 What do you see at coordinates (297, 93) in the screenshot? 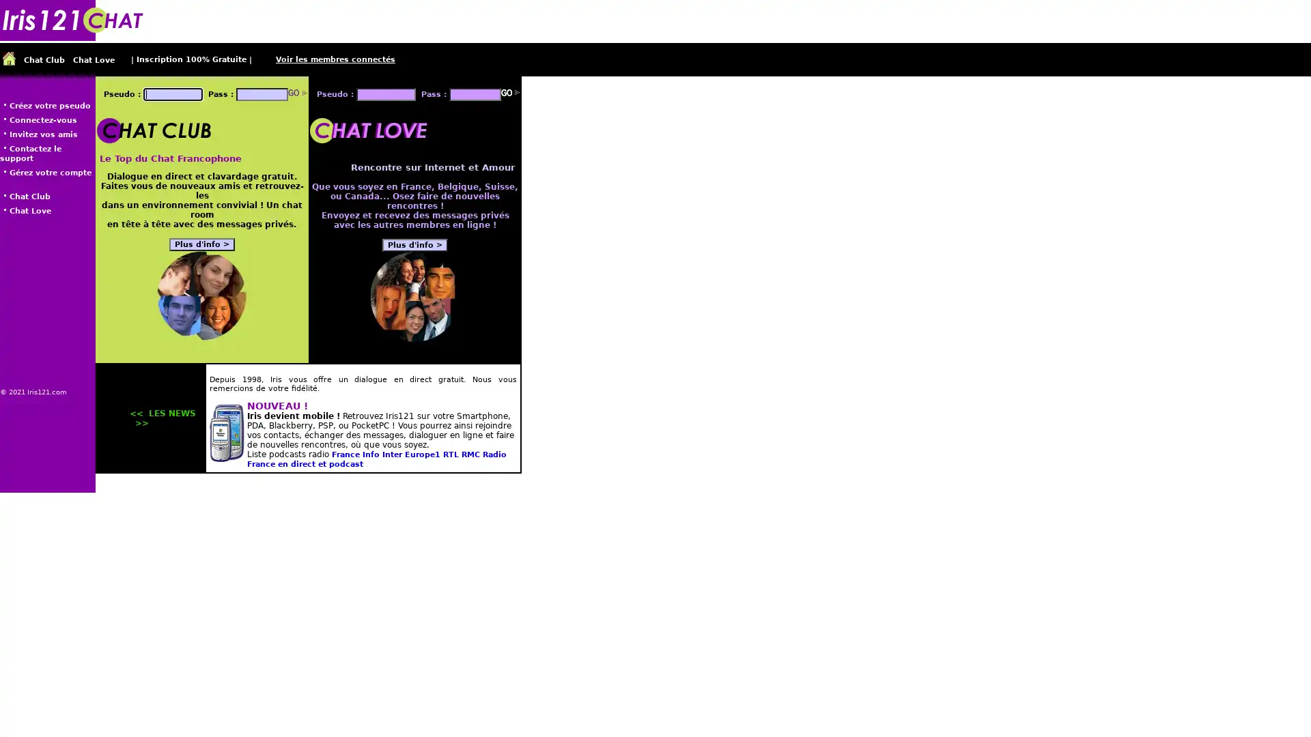
I see `Go!` at bounding box center [297, 93].